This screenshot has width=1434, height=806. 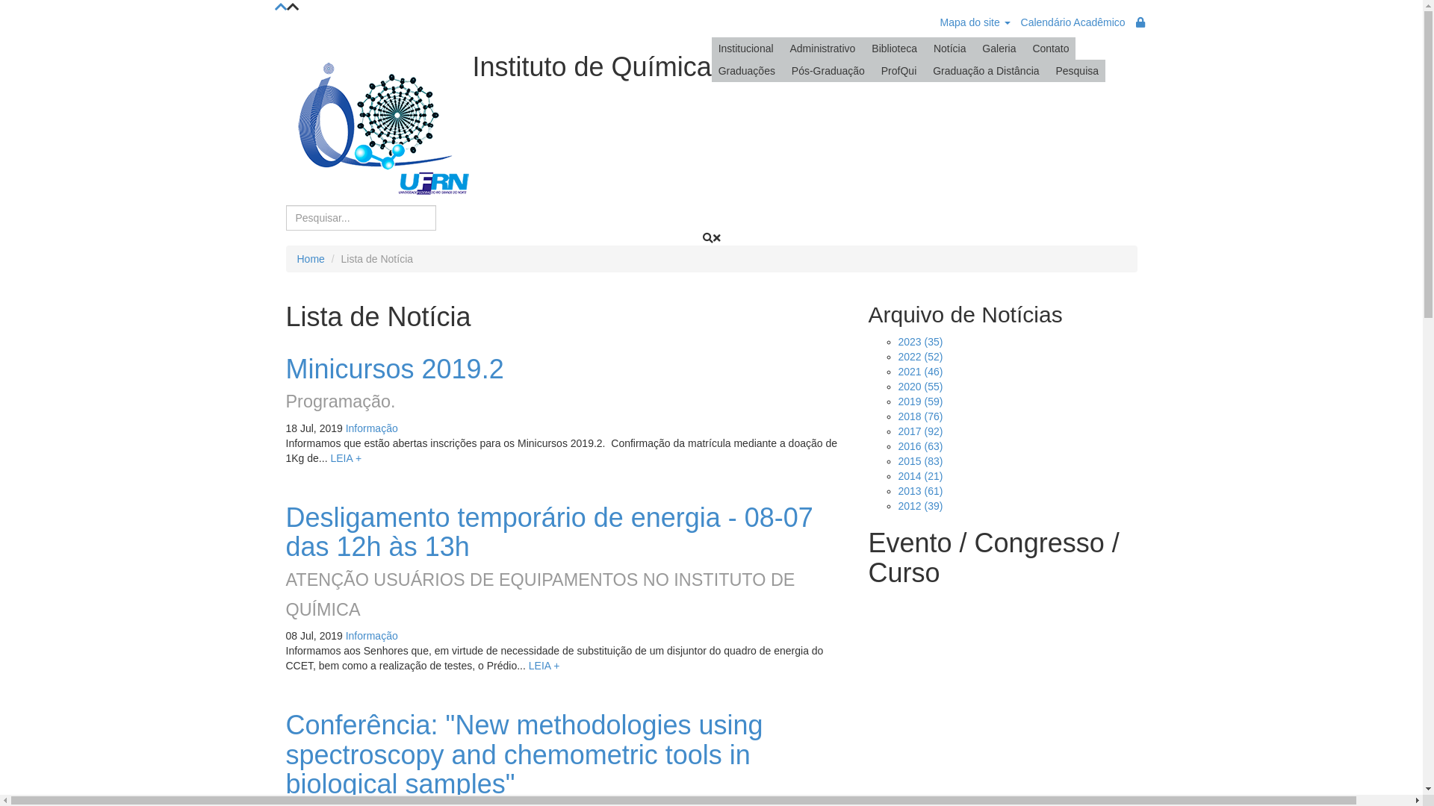 What do you see at coordinates (344, 457) in the screenshot?
I see `'LEIA +'` at bounding box center [344, 457].